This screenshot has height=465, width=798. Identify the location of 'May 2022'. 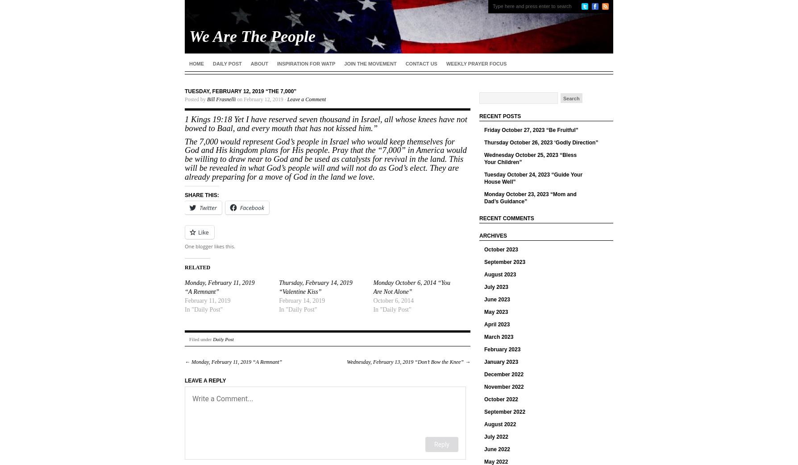
(496, 462).